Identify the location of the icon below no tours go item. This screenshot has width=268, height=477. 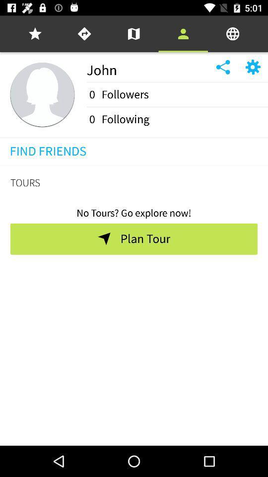
(144, 238).